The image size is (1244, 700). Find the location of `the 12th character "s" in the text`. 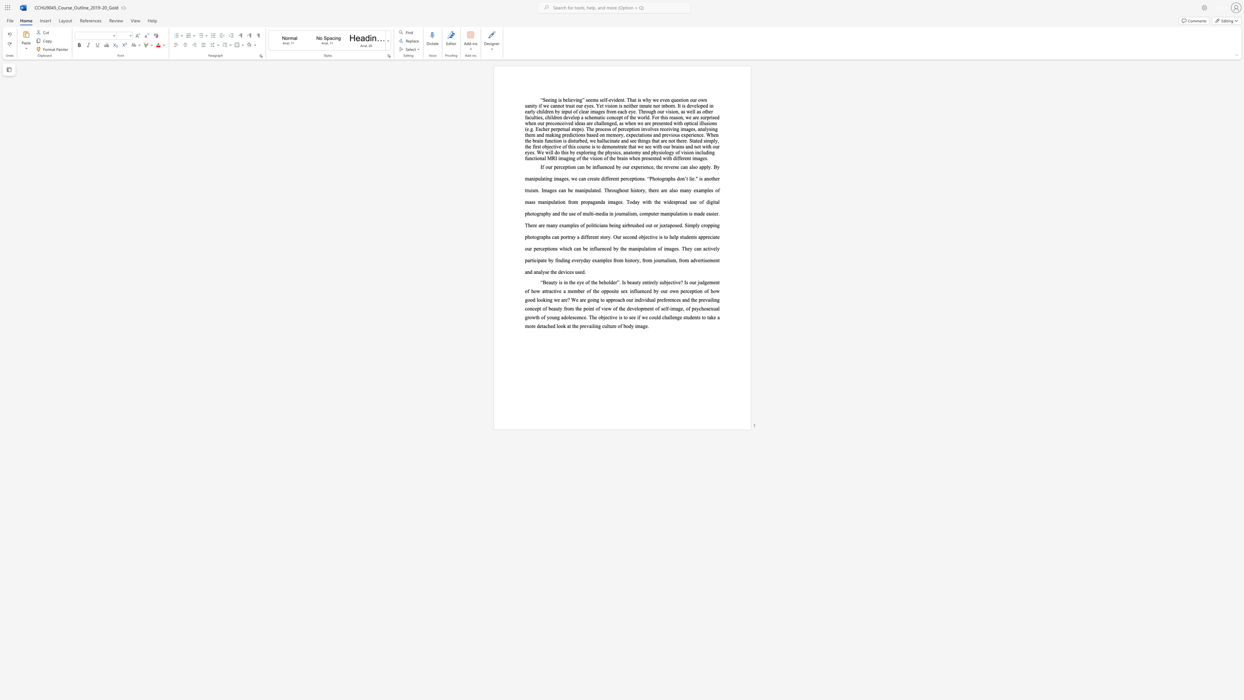

the 12th character "s" in the text is located at coordinates (684, 105).